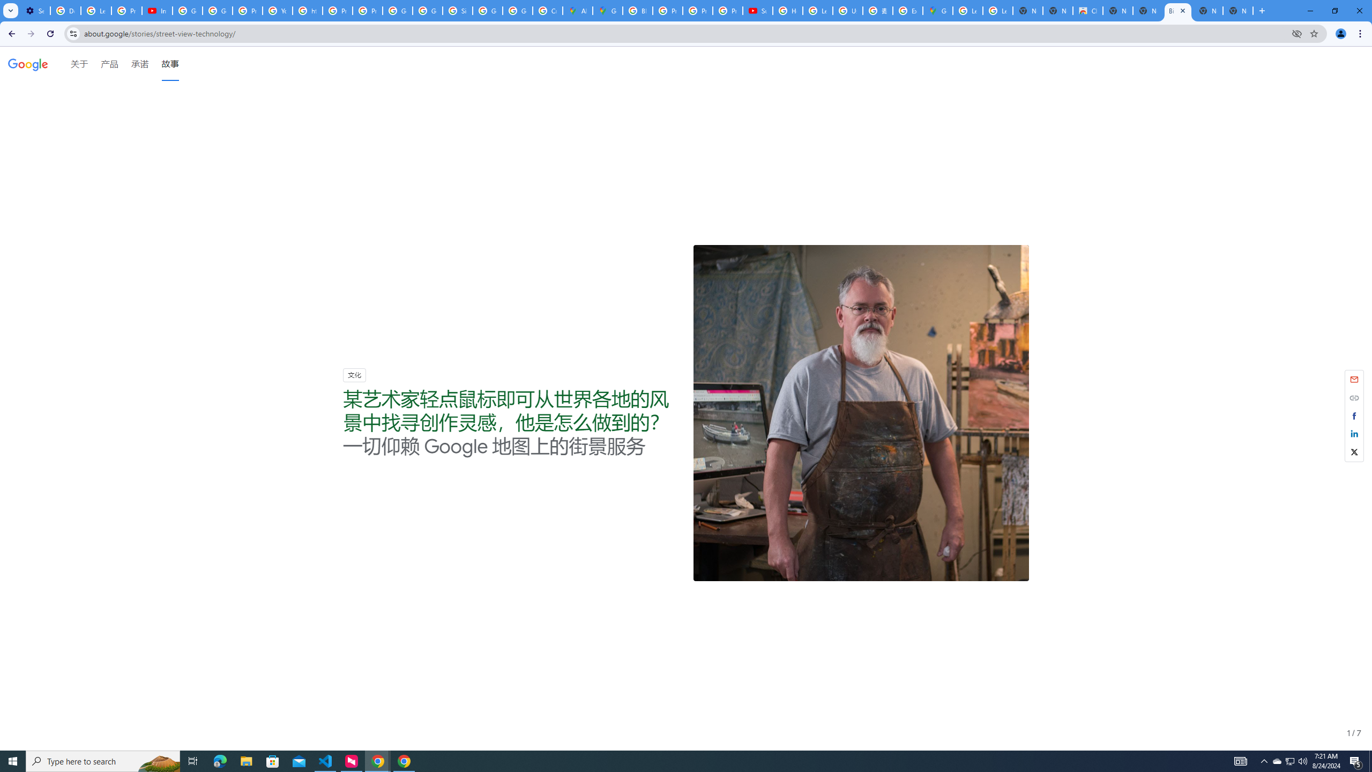 The image size is (1372, 772). I want to click on 'Google', so click(28, 66).